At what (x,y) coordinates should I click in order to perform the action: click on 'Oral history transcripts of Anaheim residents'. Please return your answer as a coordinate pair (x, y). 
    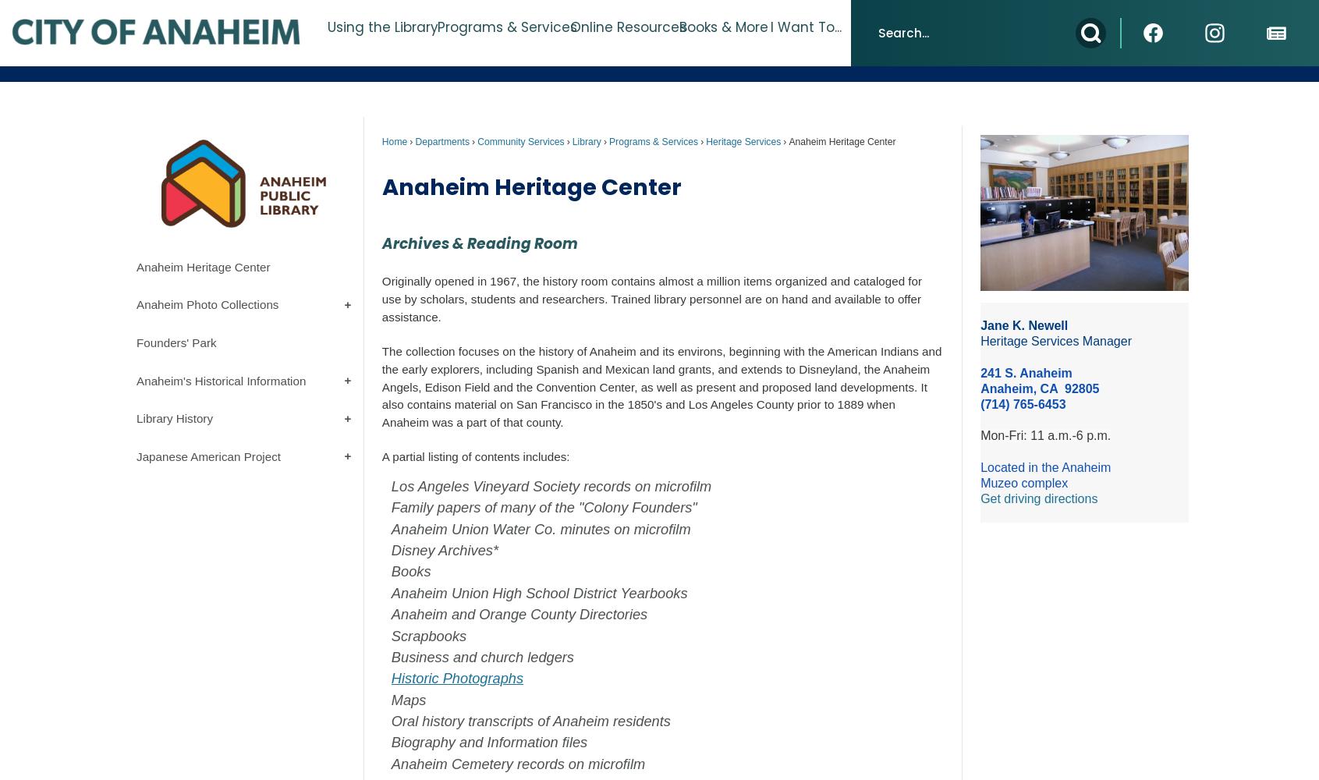
    Looking at the image, I should click on (531, 720).